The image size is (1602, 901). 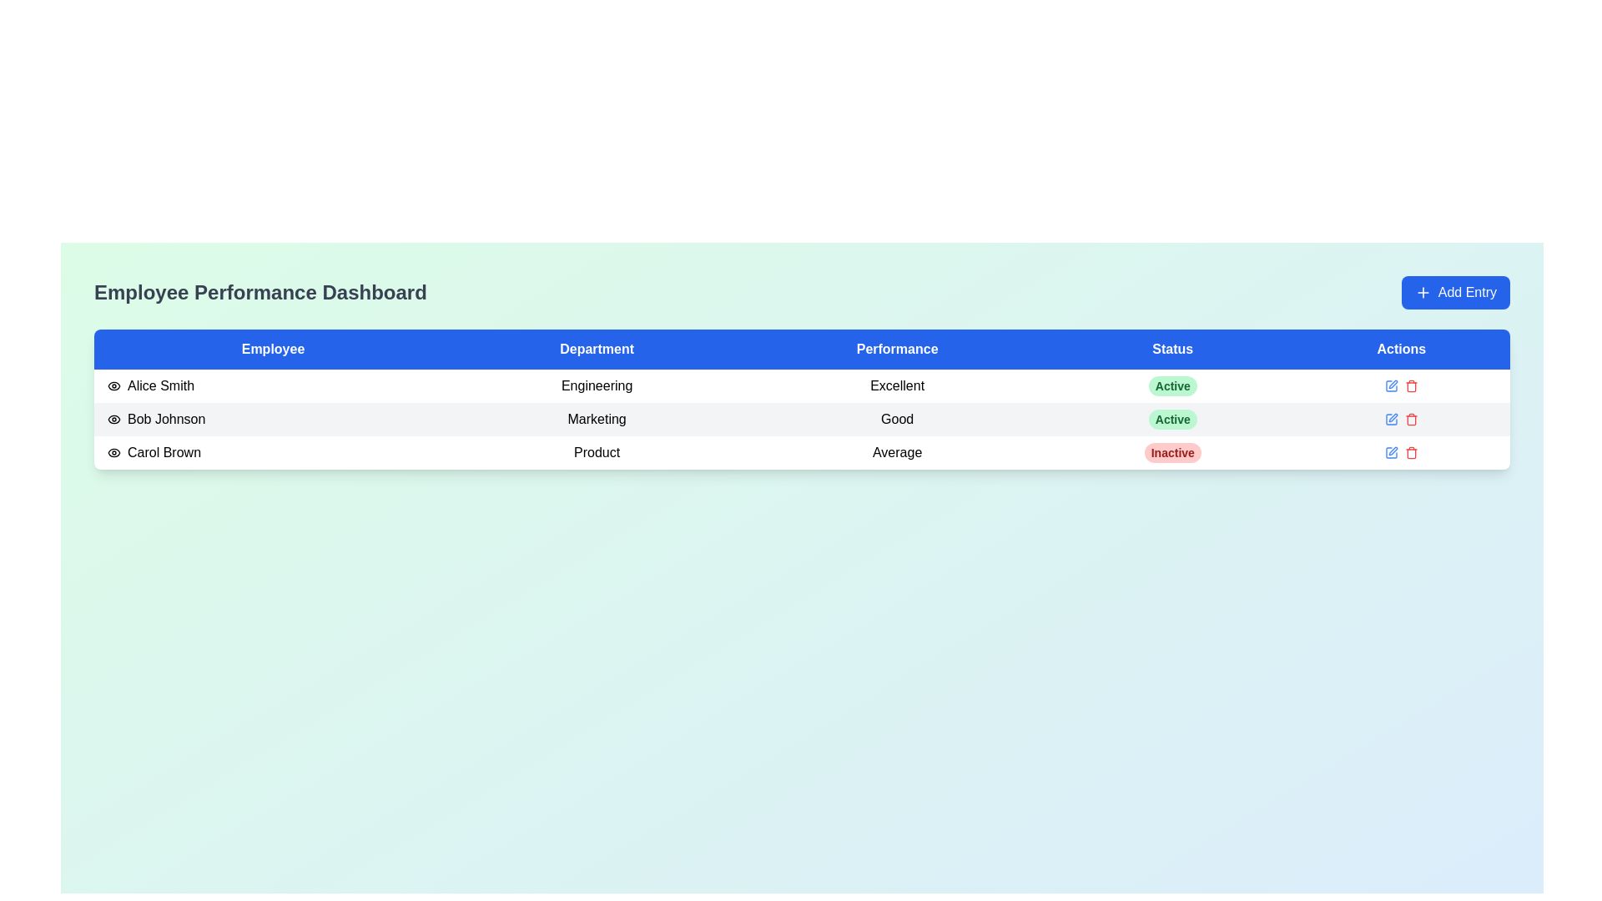 I want to click on the second button on the right of the header section, so click(x=1454, y=292).